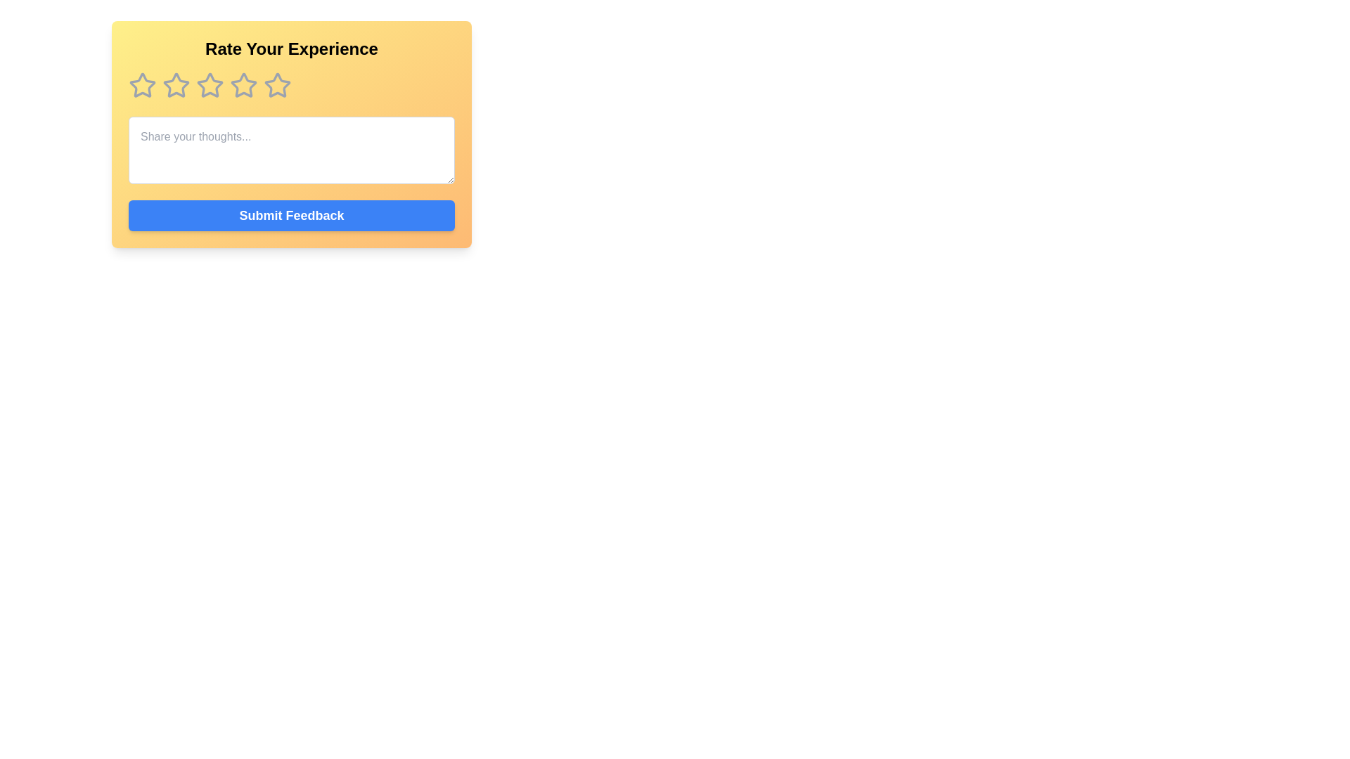  What do you see at coordinates (243, 86) in the screenshot?
I see `the fourth star icon in the feedback rating section to rate your experience` at bounding box center [243, 86].